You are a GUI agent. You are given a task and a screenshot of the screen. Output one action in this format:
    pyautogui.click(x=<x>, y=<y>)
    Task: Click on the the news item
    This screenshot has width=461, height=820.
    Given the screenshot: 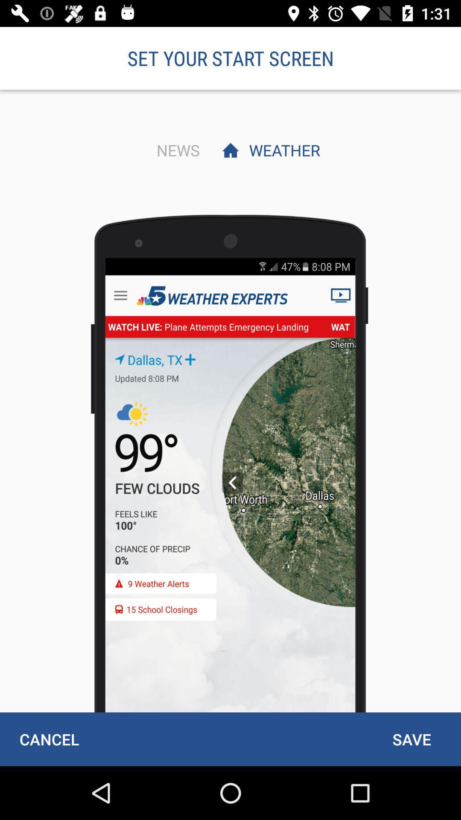 What is the action you would take?
    pyautogui.click(x=175, y=150)
    